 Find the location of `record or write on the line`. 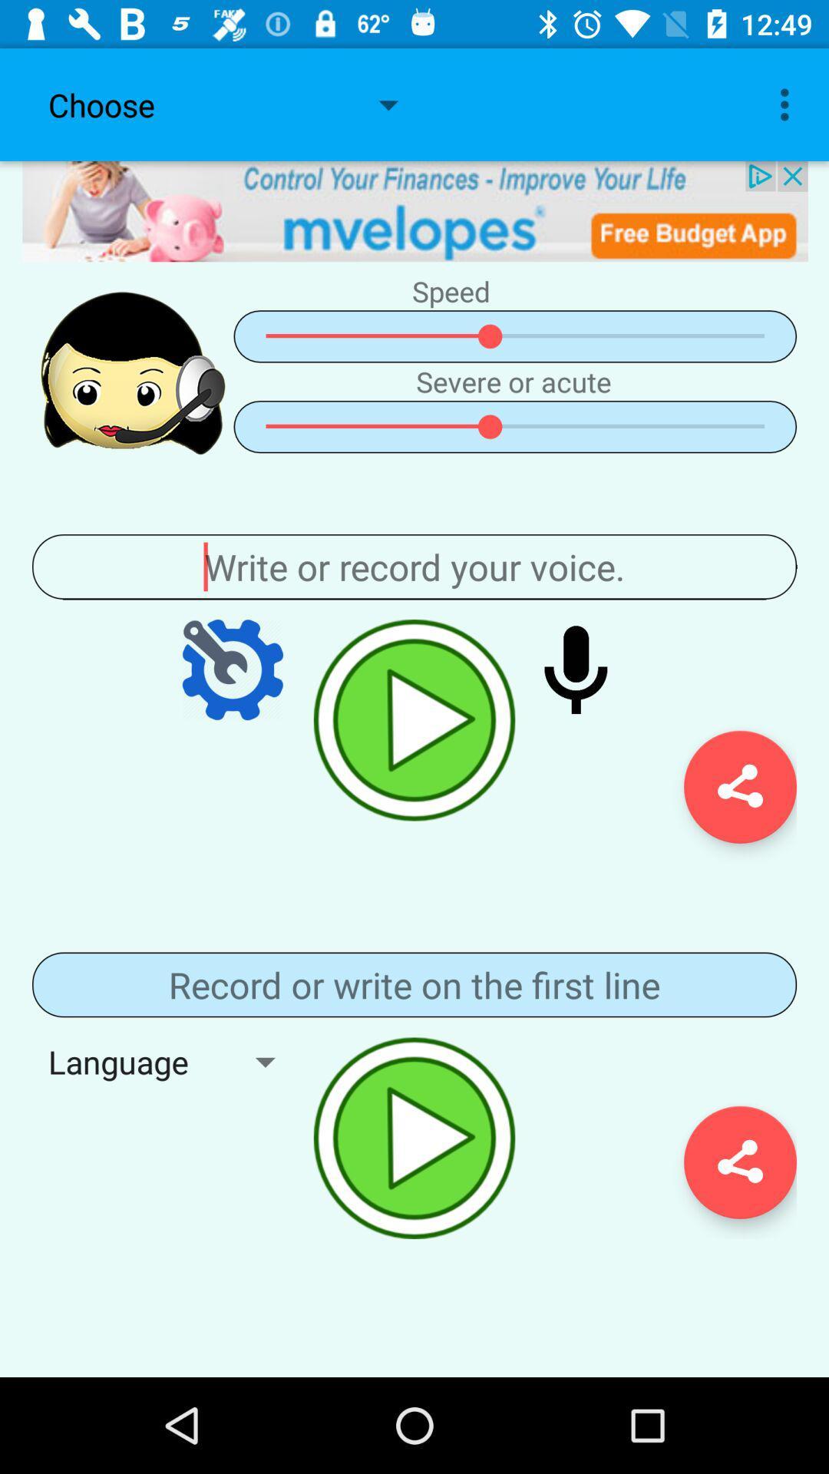

record or write on the line is located at coordinates (414, 984).